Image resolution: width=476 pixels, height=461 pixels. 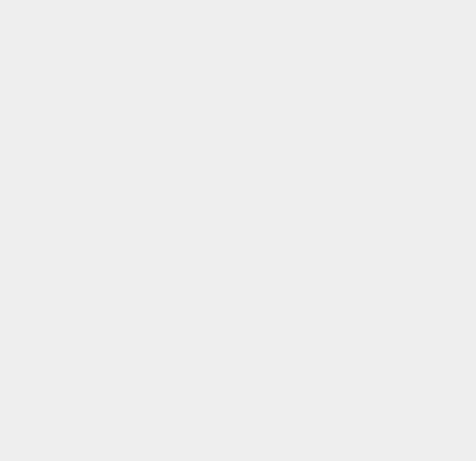 I want to click on 'Lenovo ThinkPad', so click(x=360, y=98).